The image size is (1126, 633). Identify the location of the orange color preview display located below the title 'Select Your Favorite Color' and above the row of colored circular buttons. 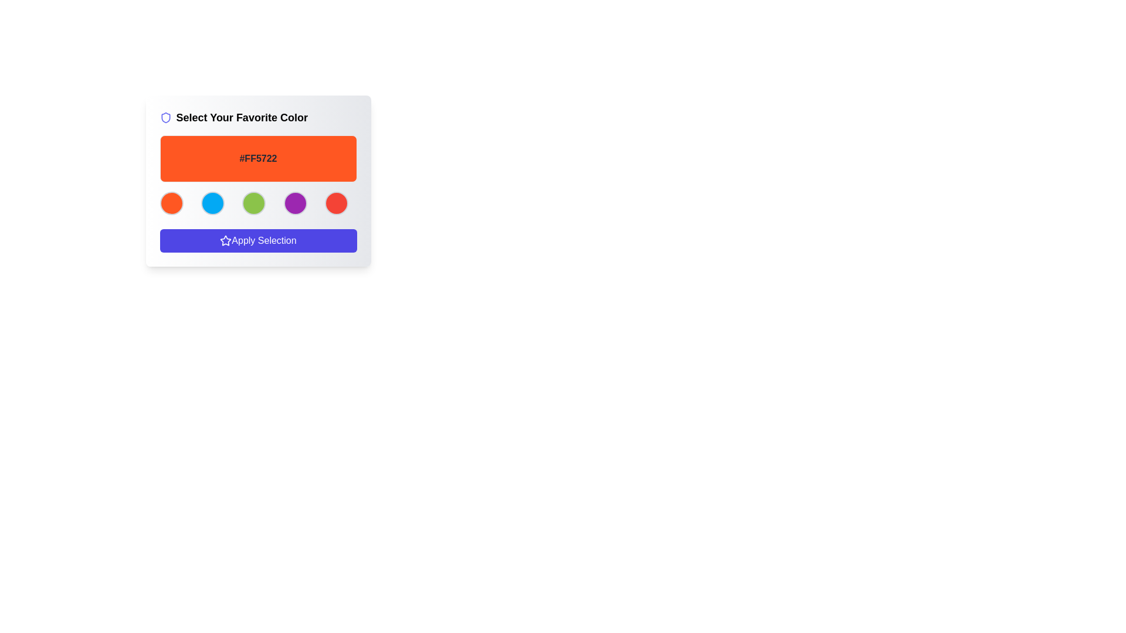
(257, 158).